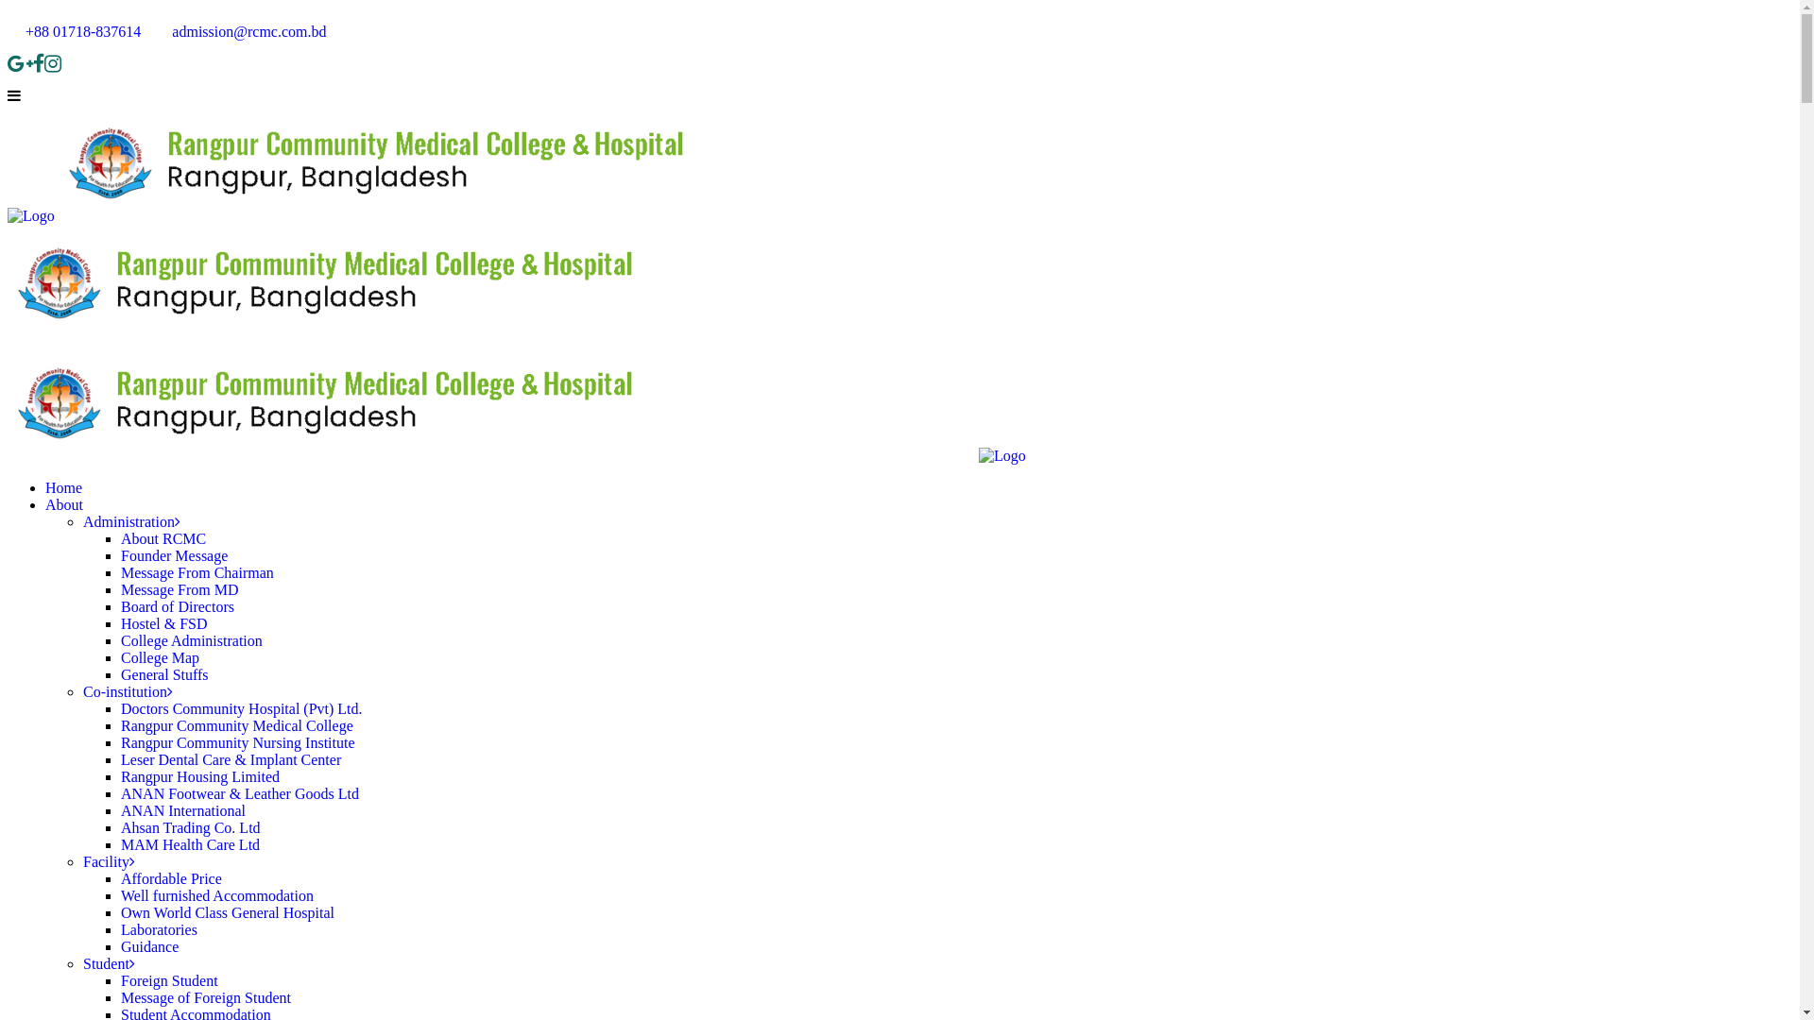  I want to click on 'College Administration', so click(191, 639).